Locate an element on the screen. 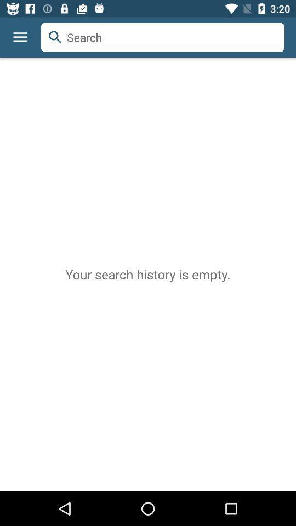 Image resolution: width=296 pixels, height=526 pixels. search box is located at coordinates (162, 37).